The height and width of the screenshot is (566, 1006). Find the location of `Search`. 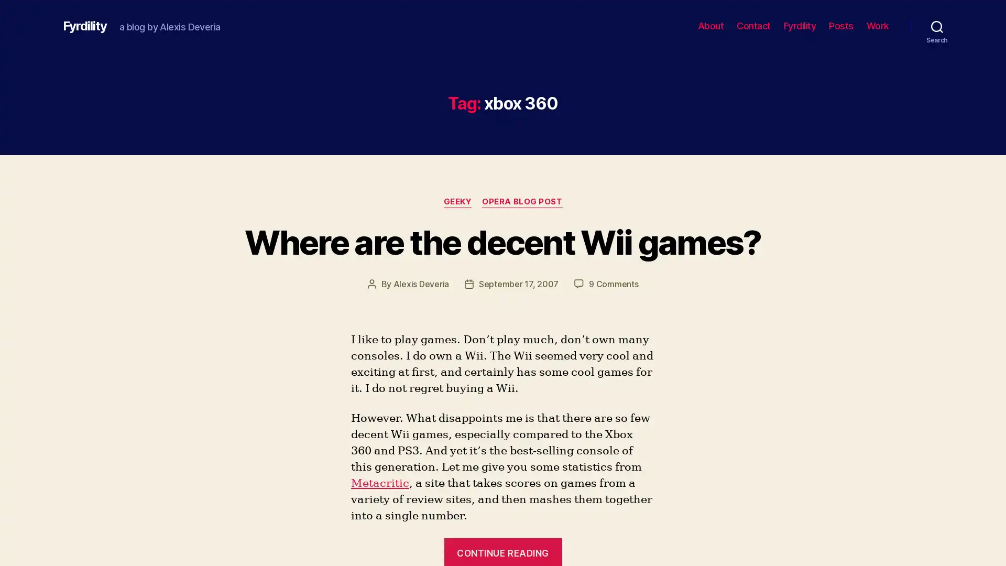

Search is located at coordinates (937, 26).